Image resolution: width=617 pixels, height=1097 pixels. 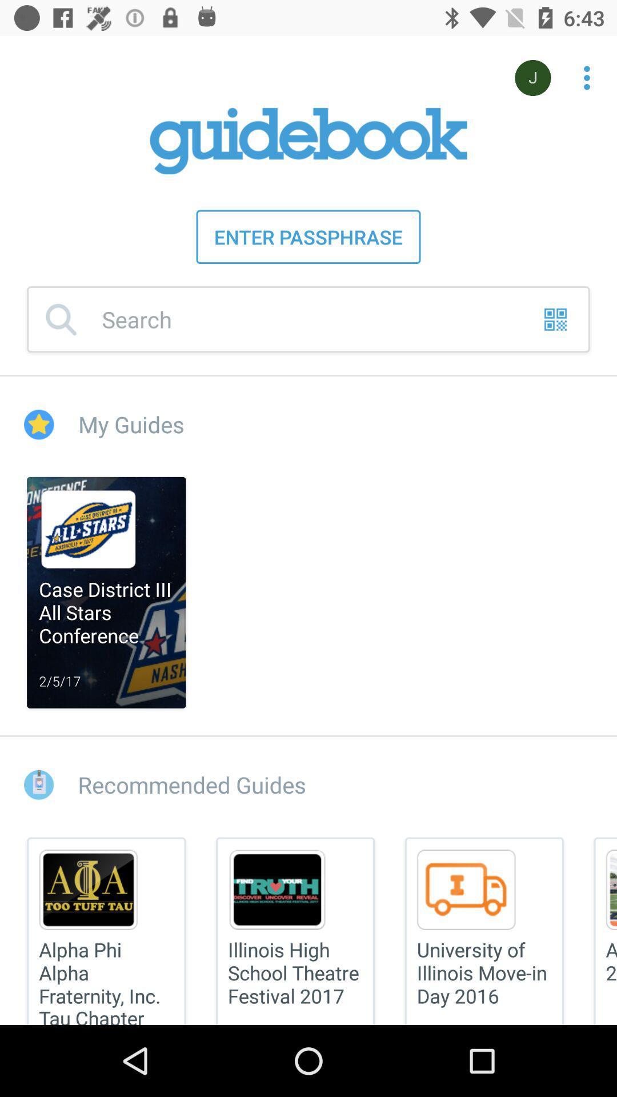 What do you see at coordinates (580, 71) in the screenshot?
I see `the more icon` at bounding box center [580, 71].